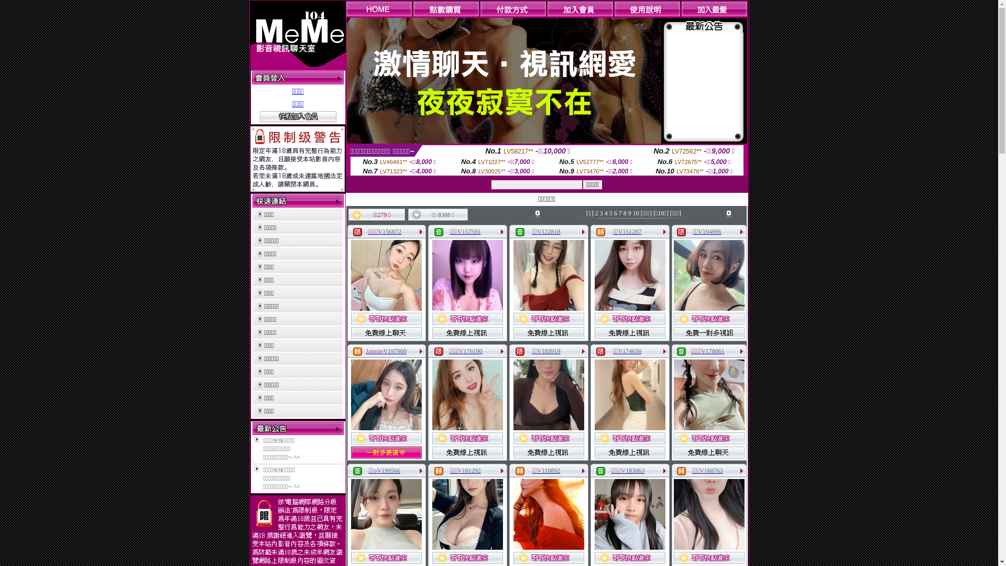 Image resolution: width=1006 pixels, height=566 pixels. I want to click on 'V194896', so click(709, 231).